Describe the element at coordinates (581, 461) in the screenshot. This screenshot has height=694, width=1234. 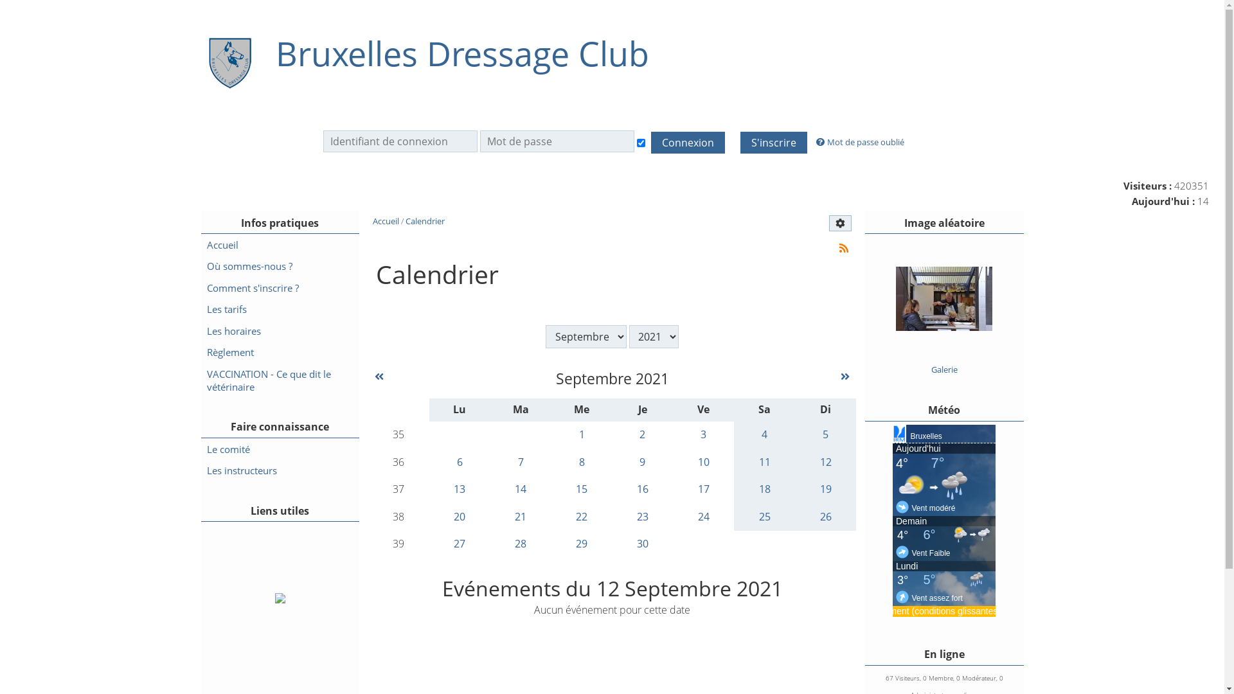
I see `'8'` at that location.